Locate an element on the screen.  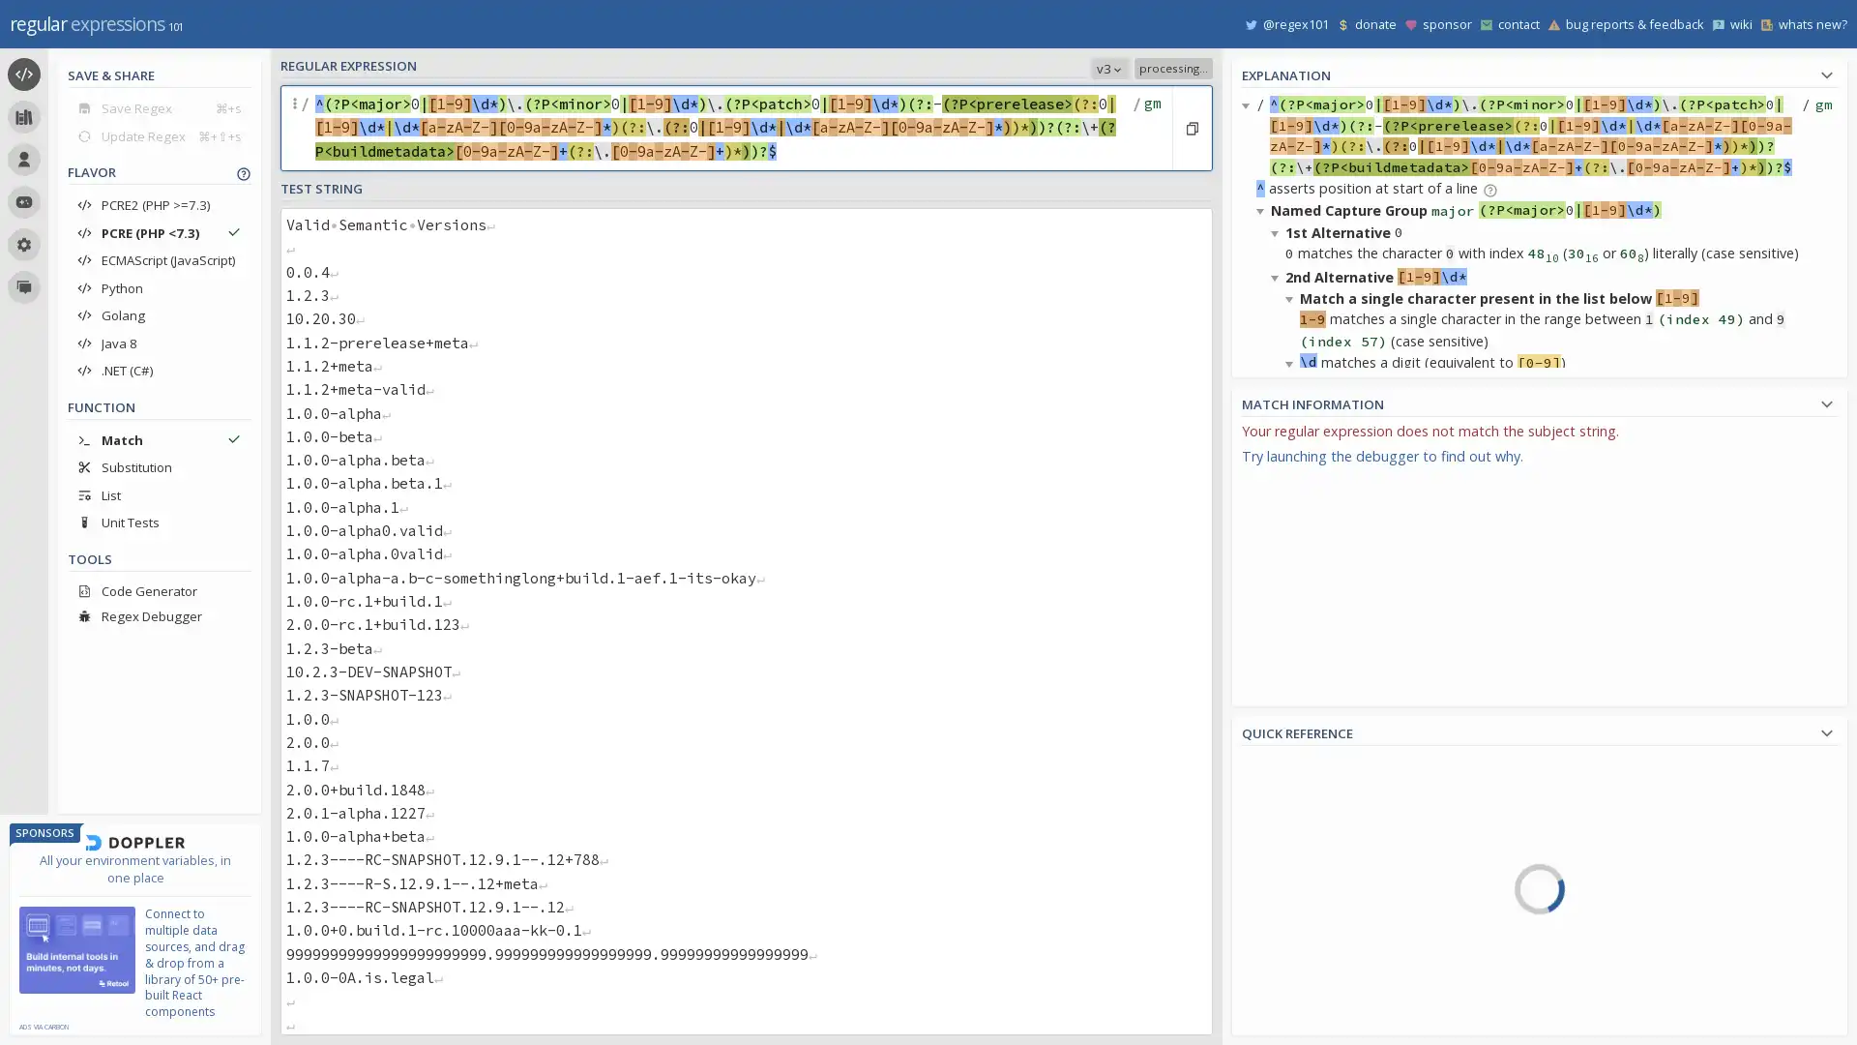
Collapse Subtree is located at coordinates (1292, 780).